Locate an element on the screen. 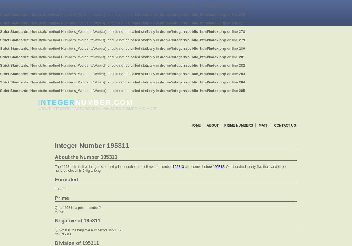 Image resolution: width=352 pixels, height=246 pixels. '195,311' is located at coordinates (61, 189).